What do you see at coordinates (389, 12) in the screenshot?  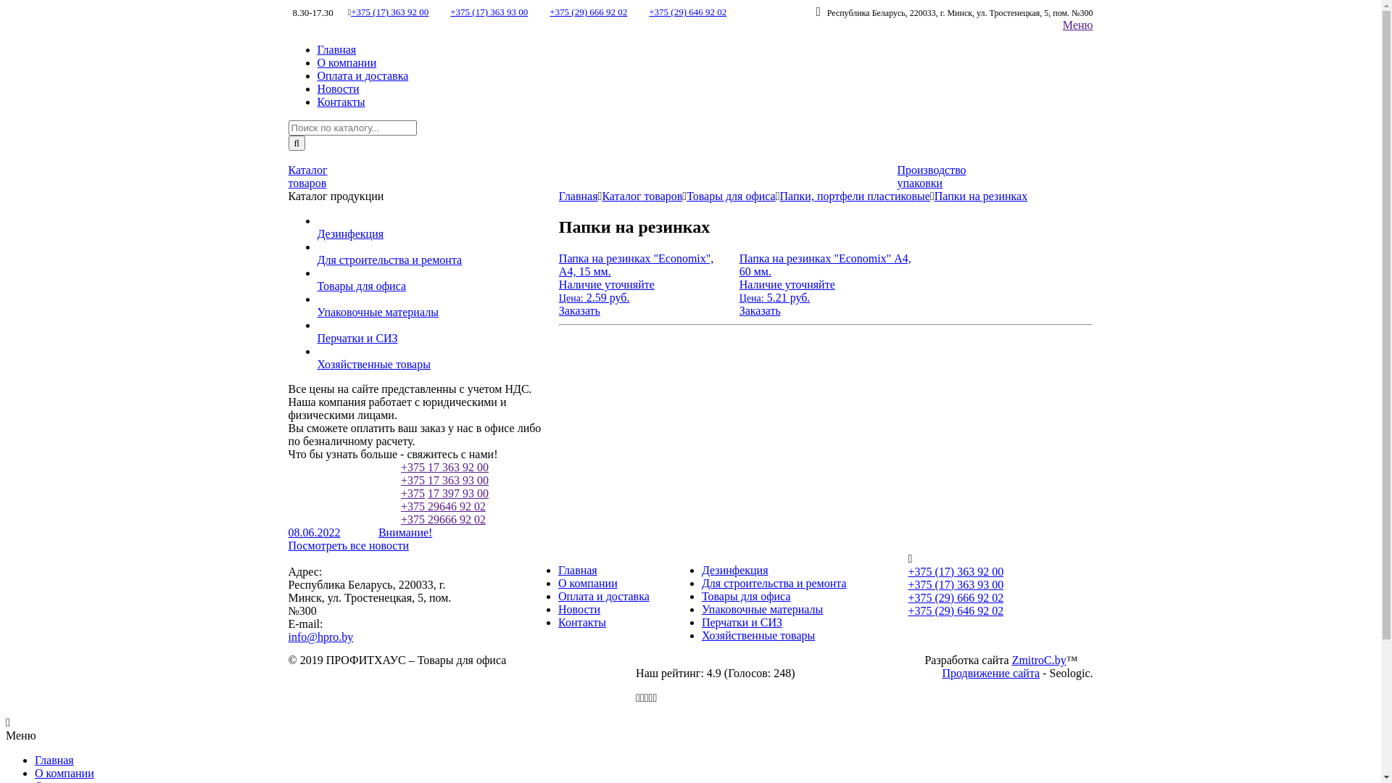 I see `'+375 (17) 363 92 00'` at bounding box center [389, 12].